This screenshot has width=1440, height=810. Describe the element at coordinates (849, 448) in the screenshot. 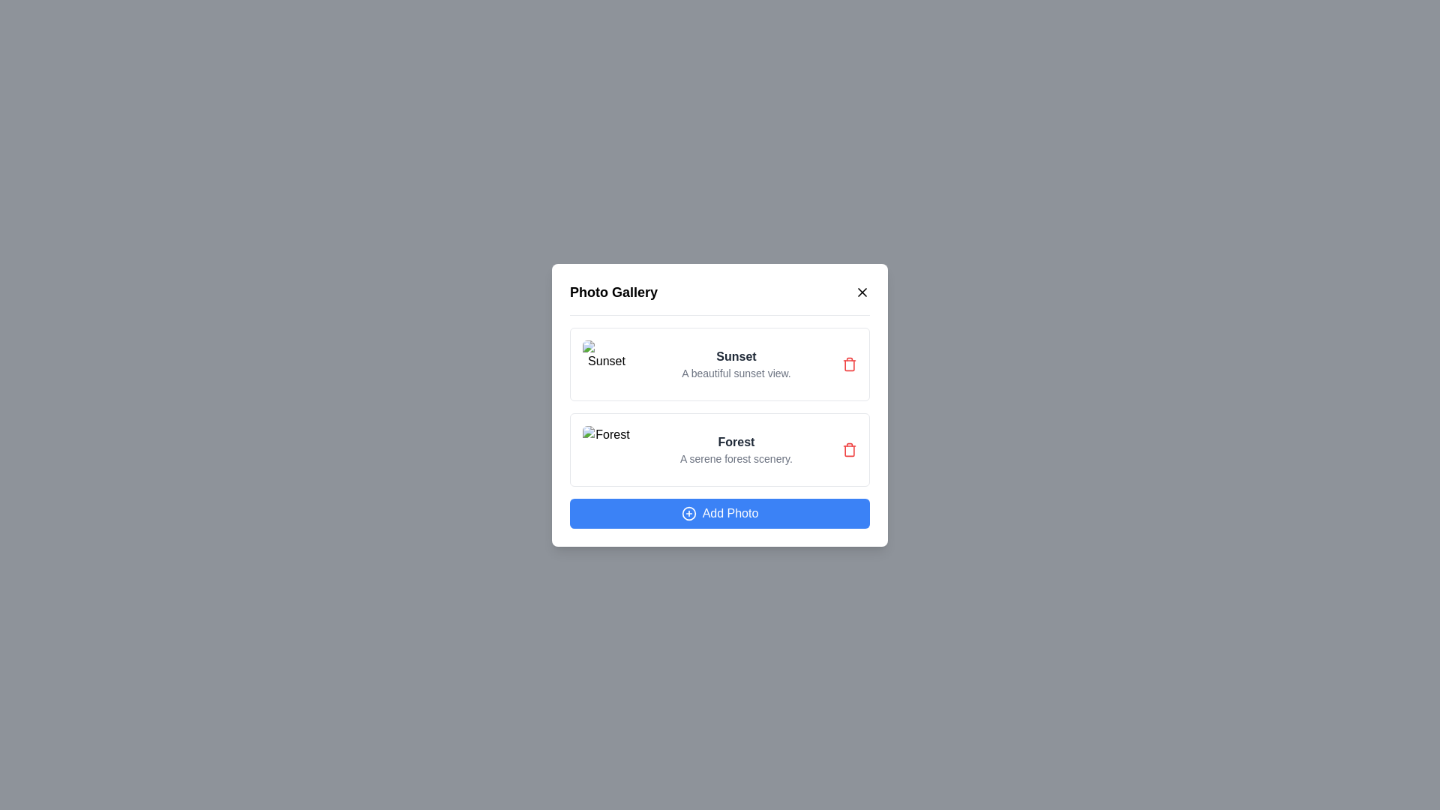

I see `the red trash can icon near the top-right corner of the second entry in the list` at that location.